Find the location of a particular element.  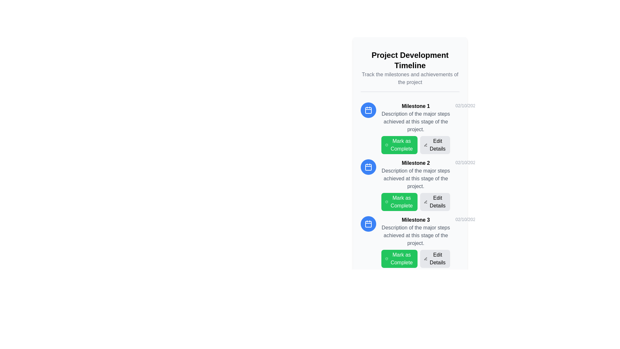

the text element reading 'Track the milestones and achievements of the project', which is styled in gray and positioned directly below the 'Project Development Timeline' title is located at coordinates (410, 78).